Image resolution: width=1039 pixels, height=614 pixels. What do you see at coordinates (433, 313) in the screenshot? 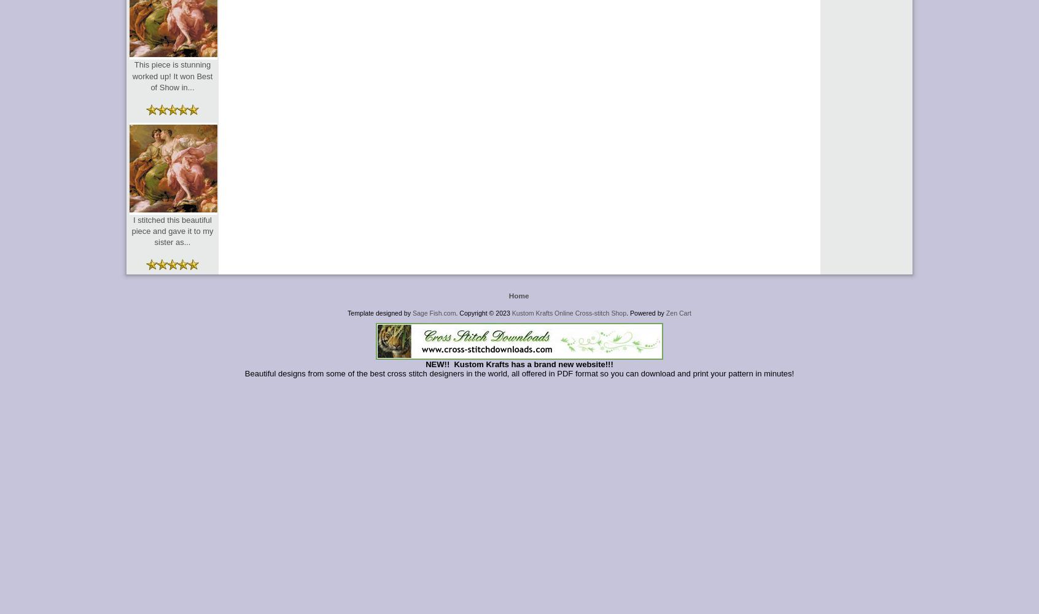
I see `'Sage Fish.com'` at bounding box center [433, 313].